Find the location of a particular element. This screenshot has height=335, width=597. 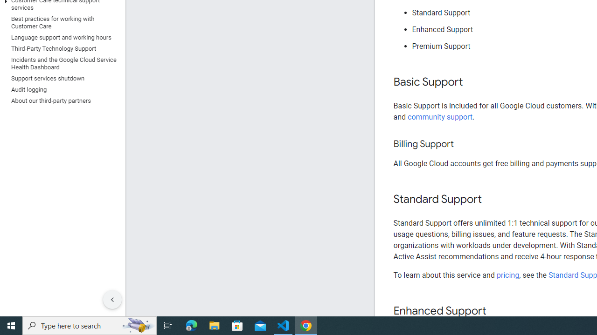

'Copy link to this section: Enhanced Support' is located at coordinates (495, 311).